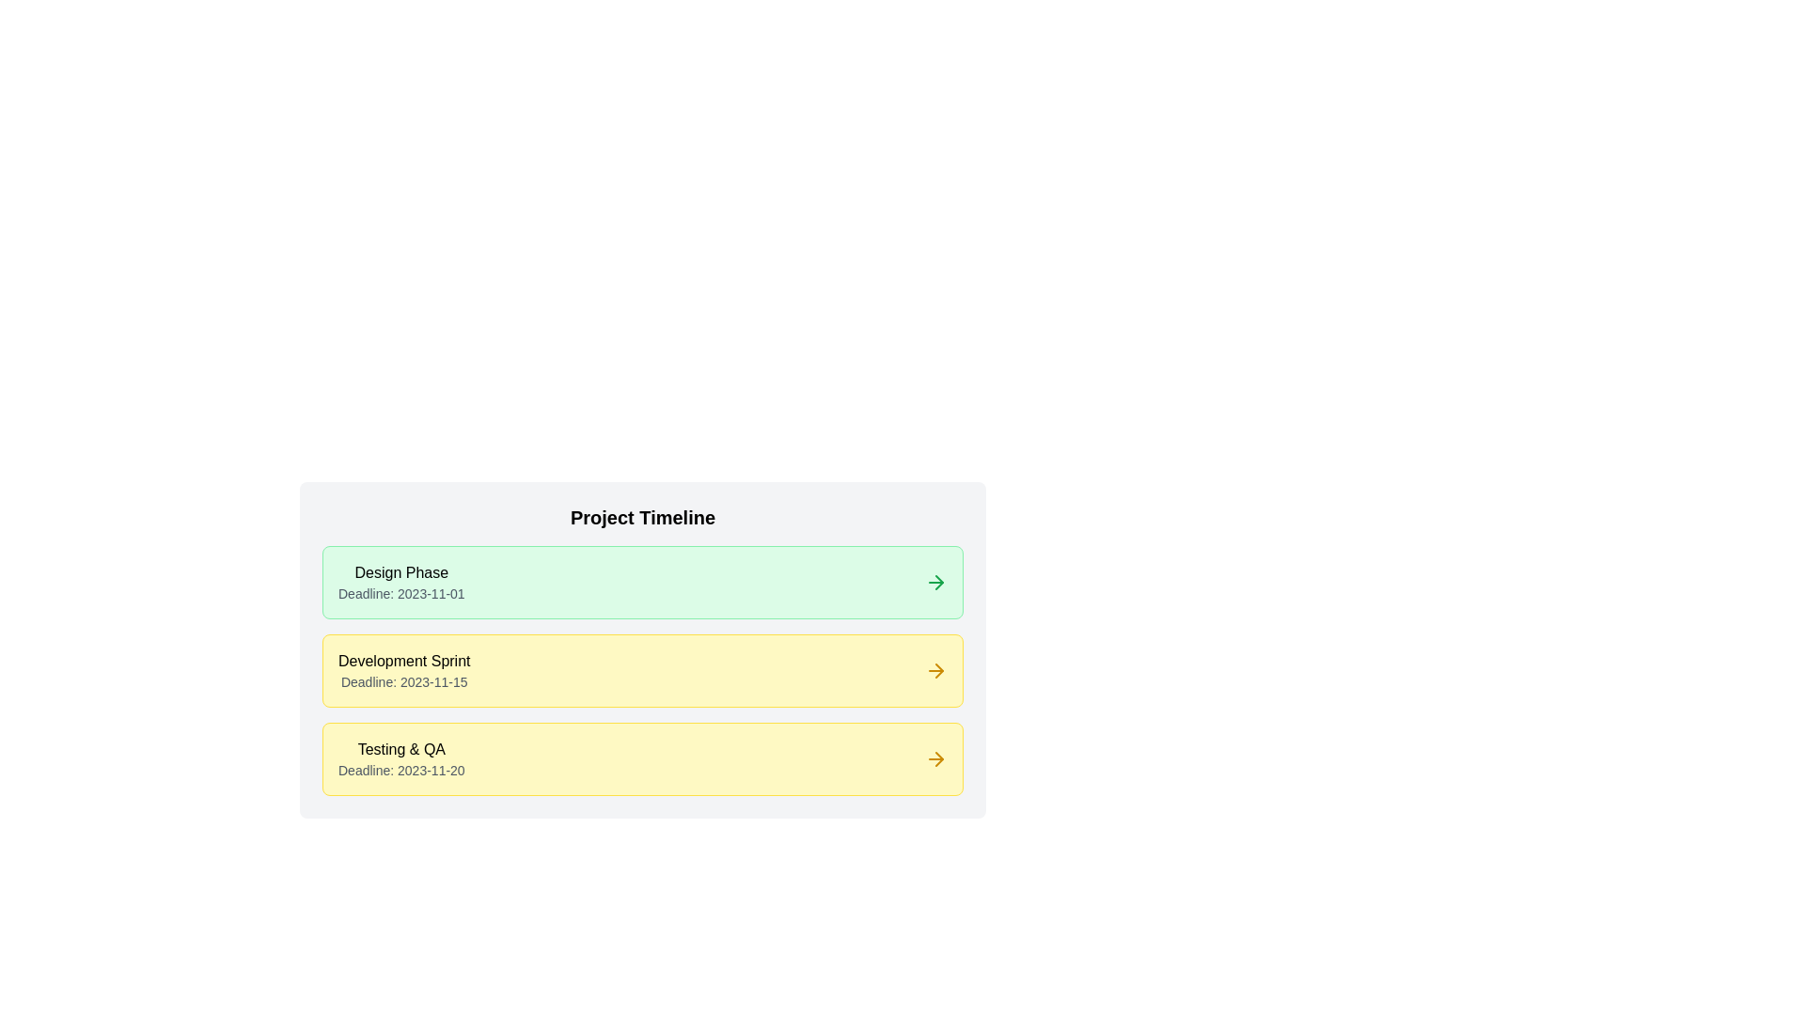 Image resolution: width=1805 pixels, height=1015 pixels. Describe the element at coordinates (939, 757) in the screenshot. I see `the arrow icon located at the far right end of the bottommost 'Testing & QA' card` at that location.